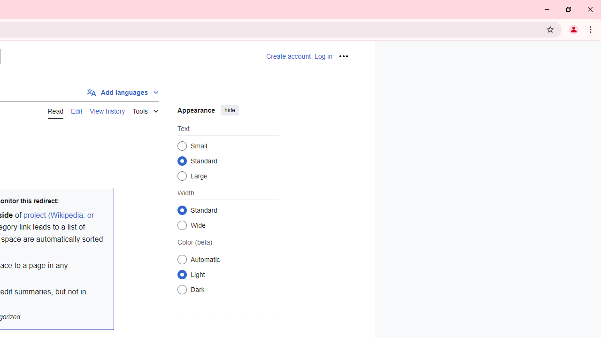  Describe the element at coordinates (287, 56) in the screenshot. I see `'Create account'` at that location.